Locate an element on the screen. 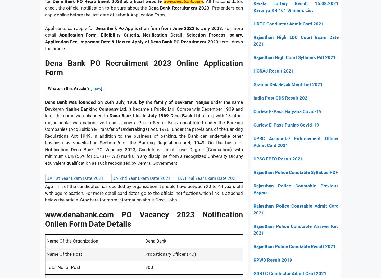  'Name Of the Post' is located at coordinates (64, 253).